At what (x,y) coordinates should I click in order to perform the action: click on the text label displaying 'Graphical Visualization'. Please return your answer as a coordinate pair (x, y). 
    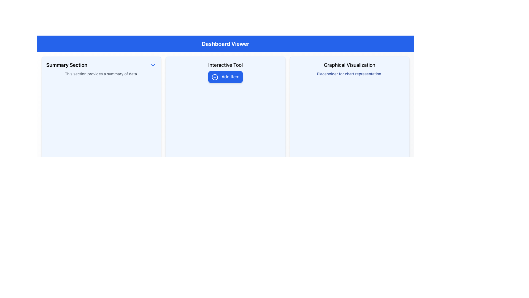
    Looking at the image, I should click on (349, 65).